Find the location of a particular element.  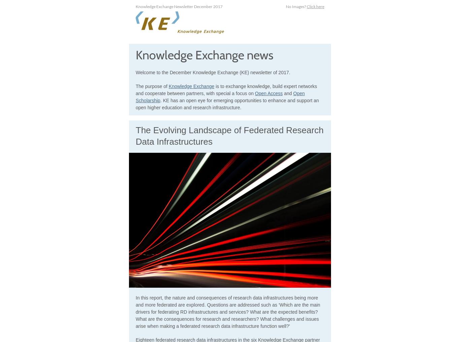

'and' is located at coordinates (287, 93).